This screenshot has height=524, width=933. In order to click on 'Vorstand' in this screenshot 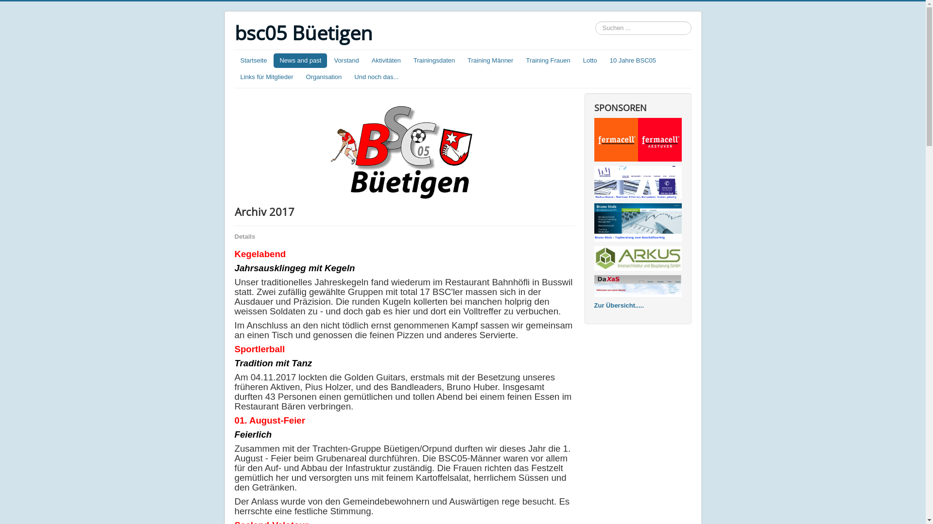, I will do `click(346, 60)`.